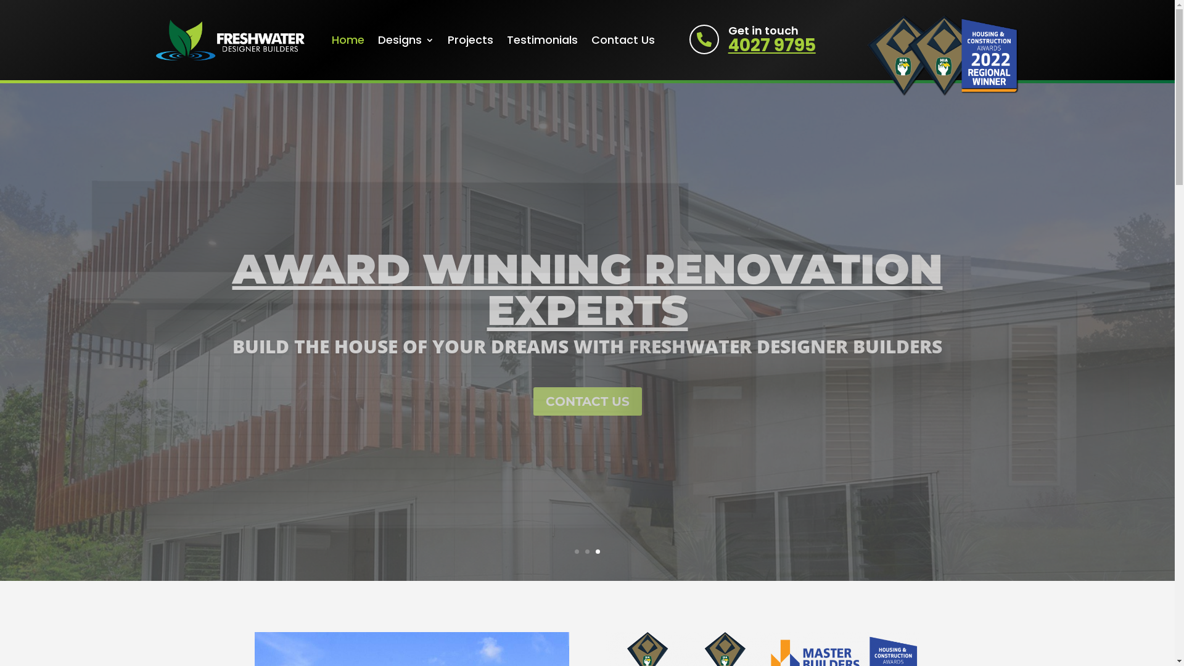 The height and width of the screenshot is (666, 1184). Describe the element at coordinates (942, 54) in the screenshot. I see `'Award-logos-2023'` at that location.